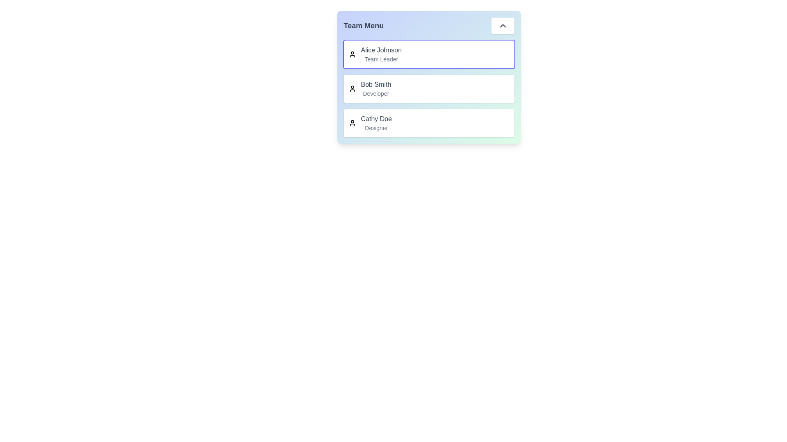 The image size is (787, 442). What do you see at coordinates (376, 119) in the screenshot?
I see `the team member Cathy Doe to view their role` at bounding box center [376, 119].